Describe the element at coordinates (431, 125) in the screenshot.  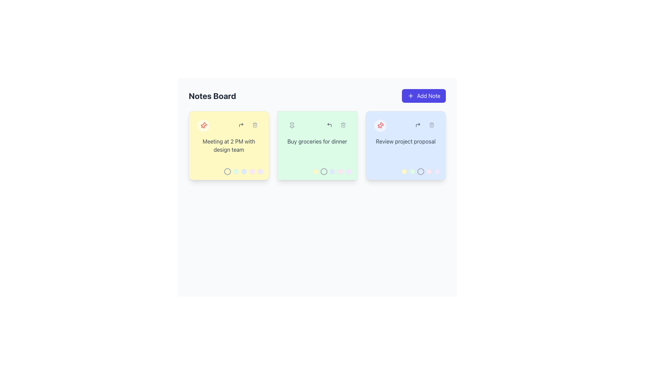
I see `the trash can icon located in the top-right corner of the blue note card titled 'Review project proposal' to activate its hover style` at that location.